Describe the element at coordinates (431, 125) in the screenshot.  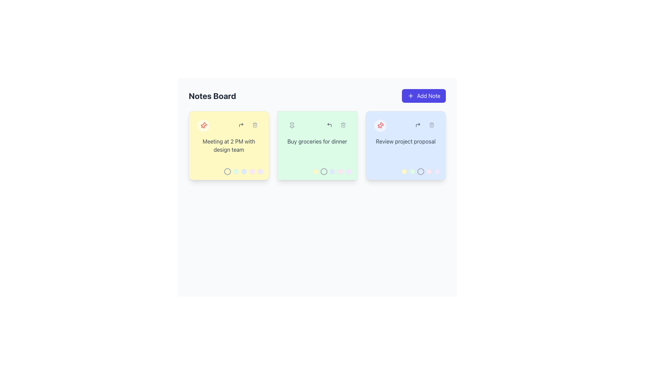
I see `the trash can icon located in the top-right corner of the blue note card titled 'Review project proposal' to activate its hover style` at that location.